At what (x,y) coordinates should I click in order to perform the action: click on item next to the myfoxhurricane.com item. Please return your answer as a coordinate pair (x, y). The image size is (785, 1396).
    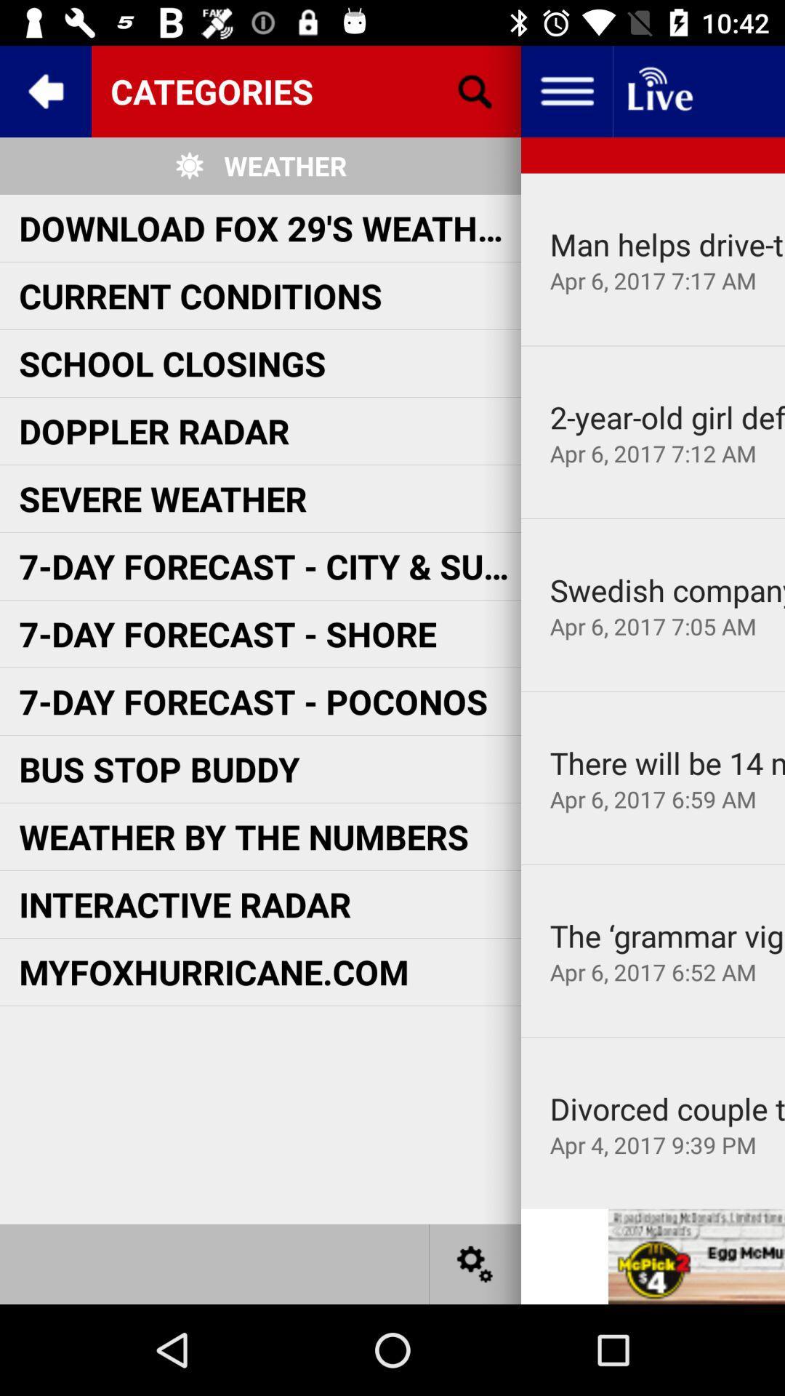
    Looking at the image, I should click on (667, 935).